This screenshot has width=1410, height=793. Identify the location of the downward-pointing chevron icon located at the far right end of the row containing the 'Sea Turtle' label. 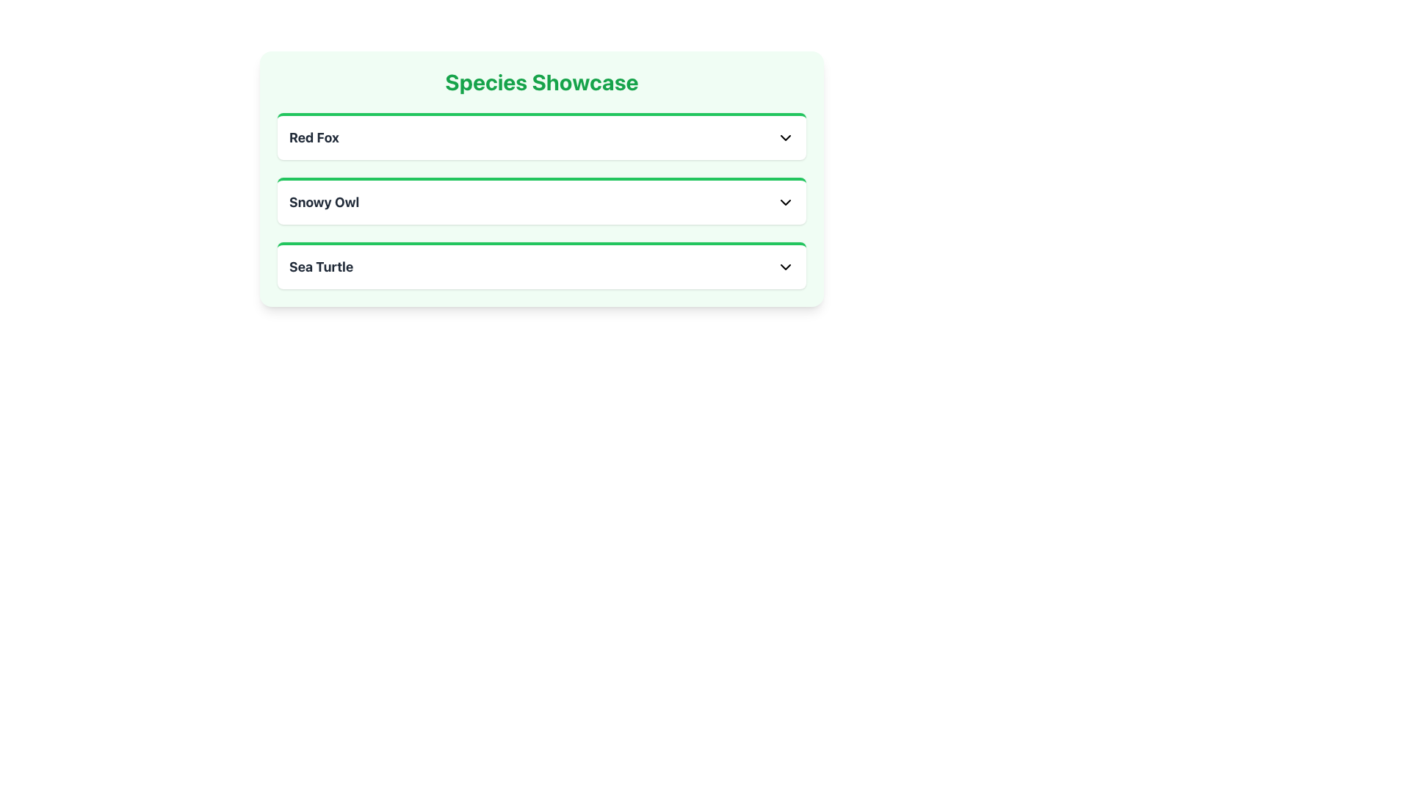
(785, 267).